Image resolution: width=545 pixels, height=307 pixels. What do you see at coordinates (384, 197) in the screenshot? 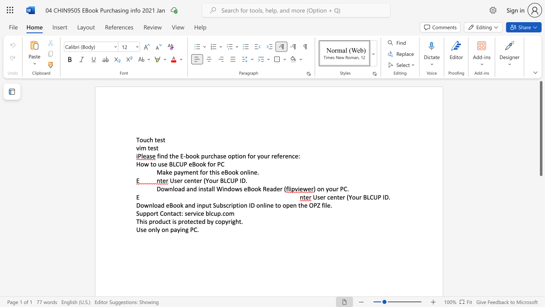
I see `the subset text "D." within the text "User center (Your BLCUP ID."` at bounding box center [384, 197].